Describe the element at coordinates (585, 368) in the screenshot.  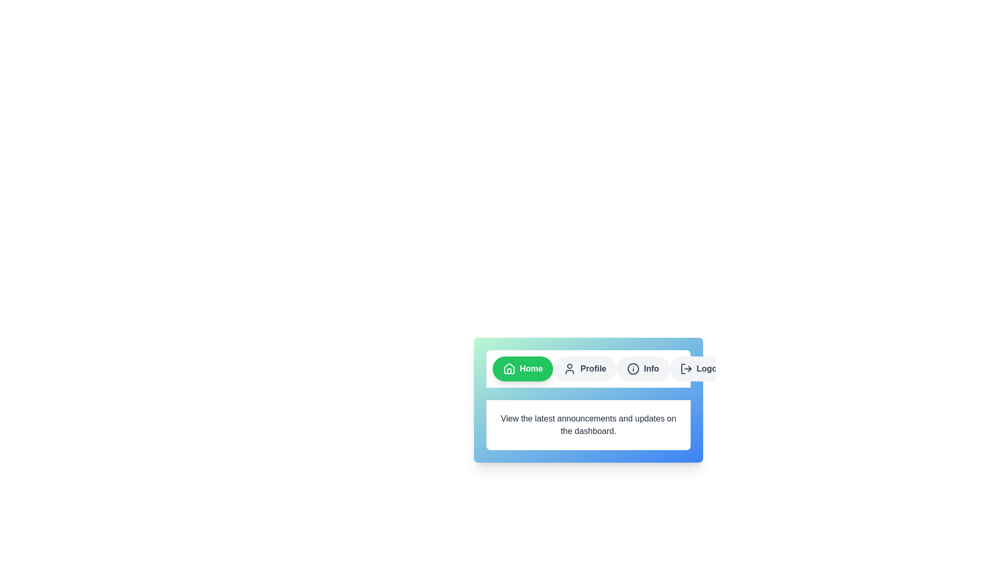
I see `the second option in the horizontal menu bar, labeled 'Profile'` at that location.